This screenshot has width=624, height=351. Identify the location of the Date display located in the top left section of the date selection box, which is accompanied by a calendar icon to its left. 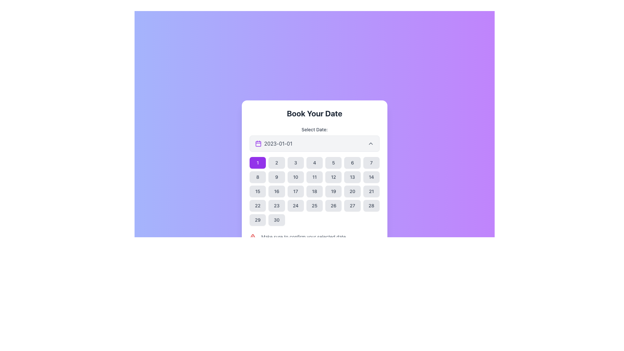
(274, 143).